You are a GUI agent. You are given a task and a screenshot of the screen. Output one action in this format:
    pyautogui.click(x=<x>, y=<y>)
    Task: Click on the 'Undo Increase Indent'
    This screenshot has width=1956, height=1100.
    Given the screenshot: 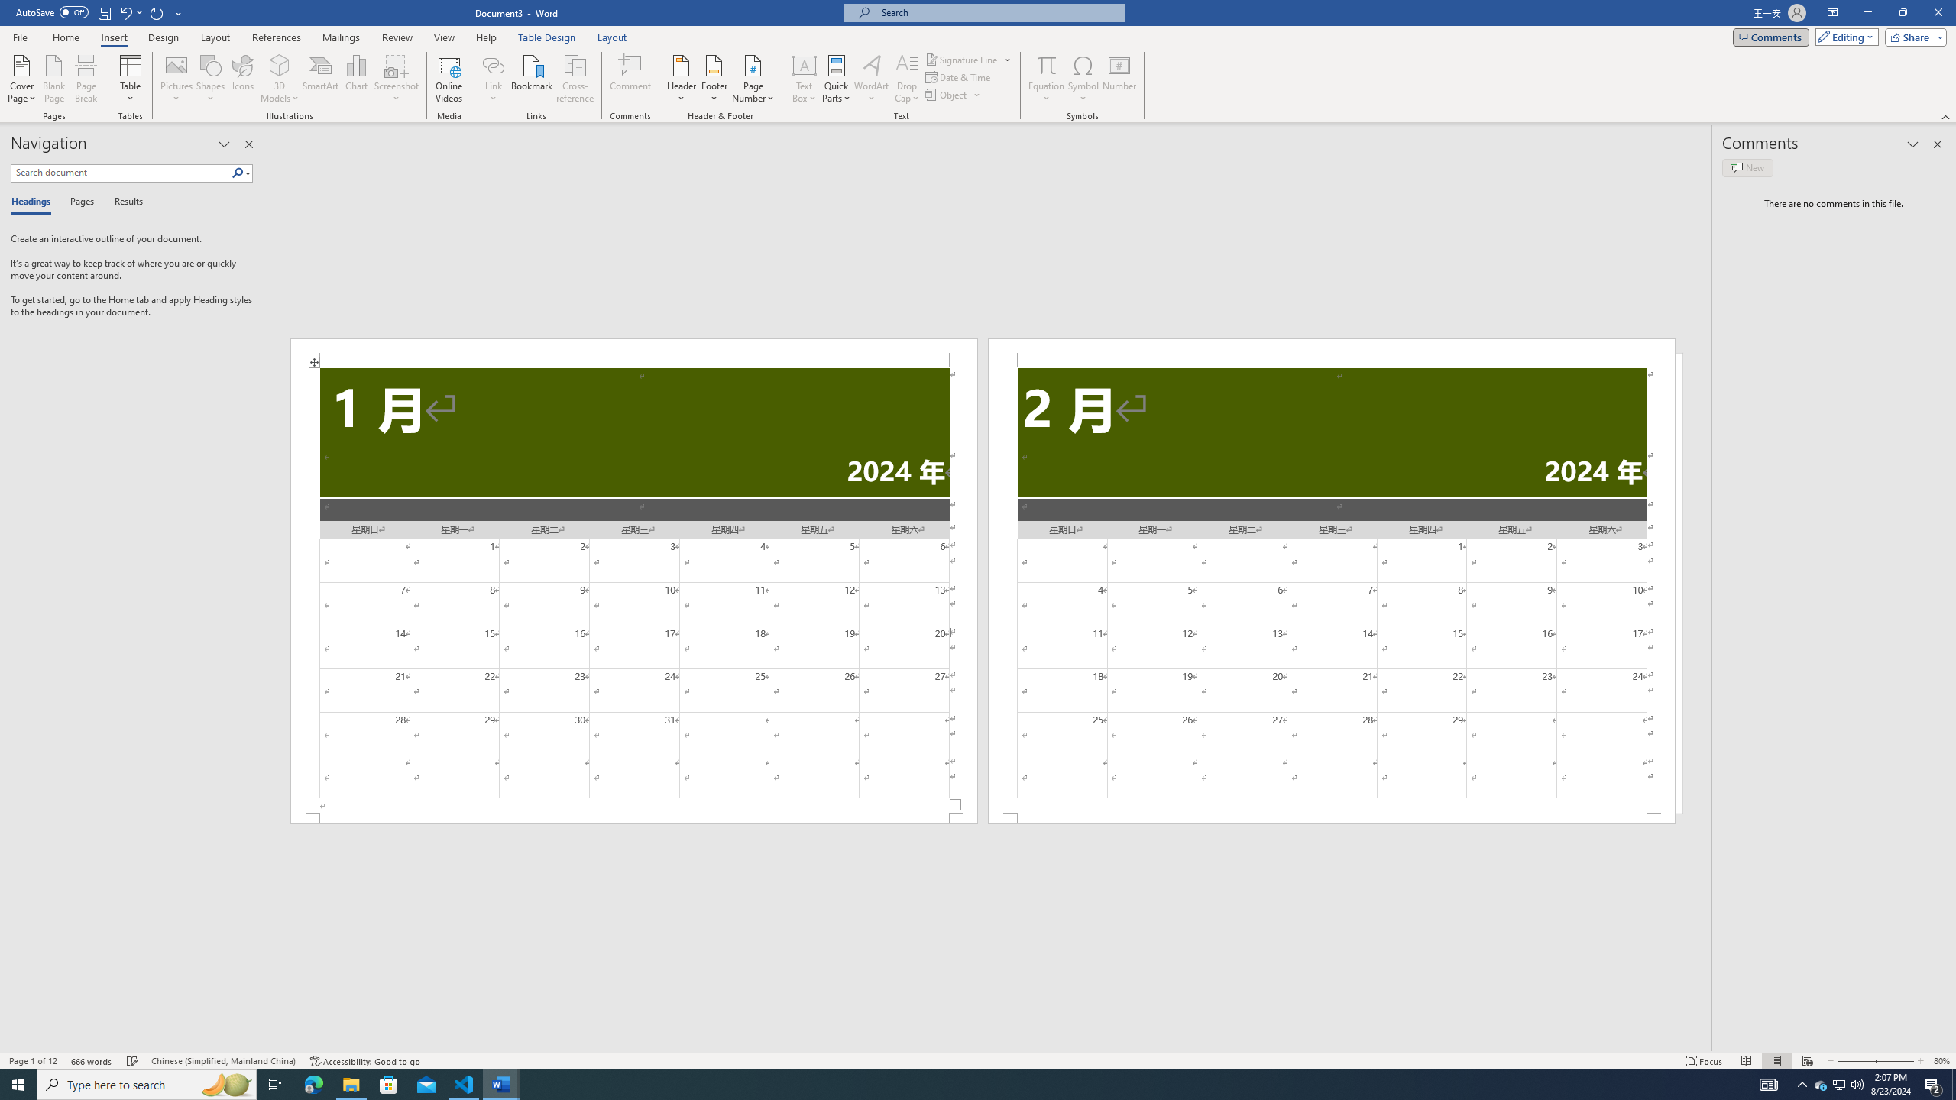 What is the action you would take?
    pyautogui.click(x=130, y=11)
    